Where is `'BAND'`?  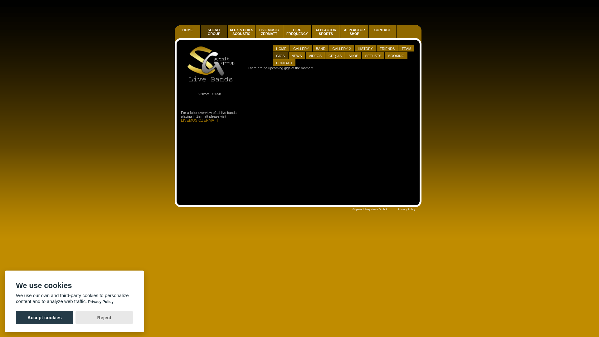
'BAND' is located at coordinates (321, 48).